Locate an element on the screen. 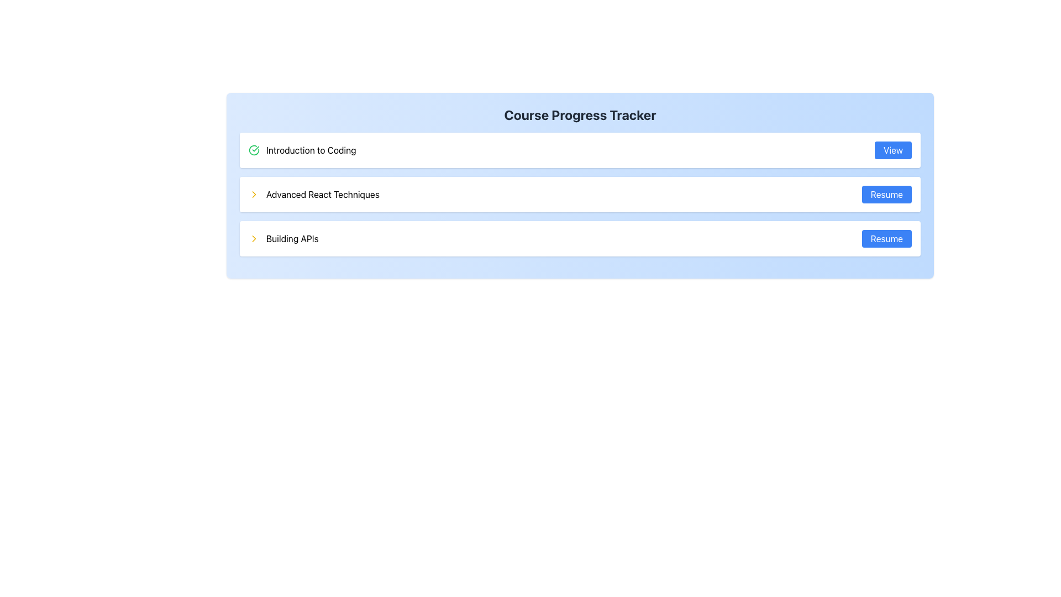 The width and height of the screenshot is (1061, 597). the green circular icon with a checkmark, which indicates completion or successful status, located to the left of the text 'Introduction to Coding' is located at coordinates (254, 150).